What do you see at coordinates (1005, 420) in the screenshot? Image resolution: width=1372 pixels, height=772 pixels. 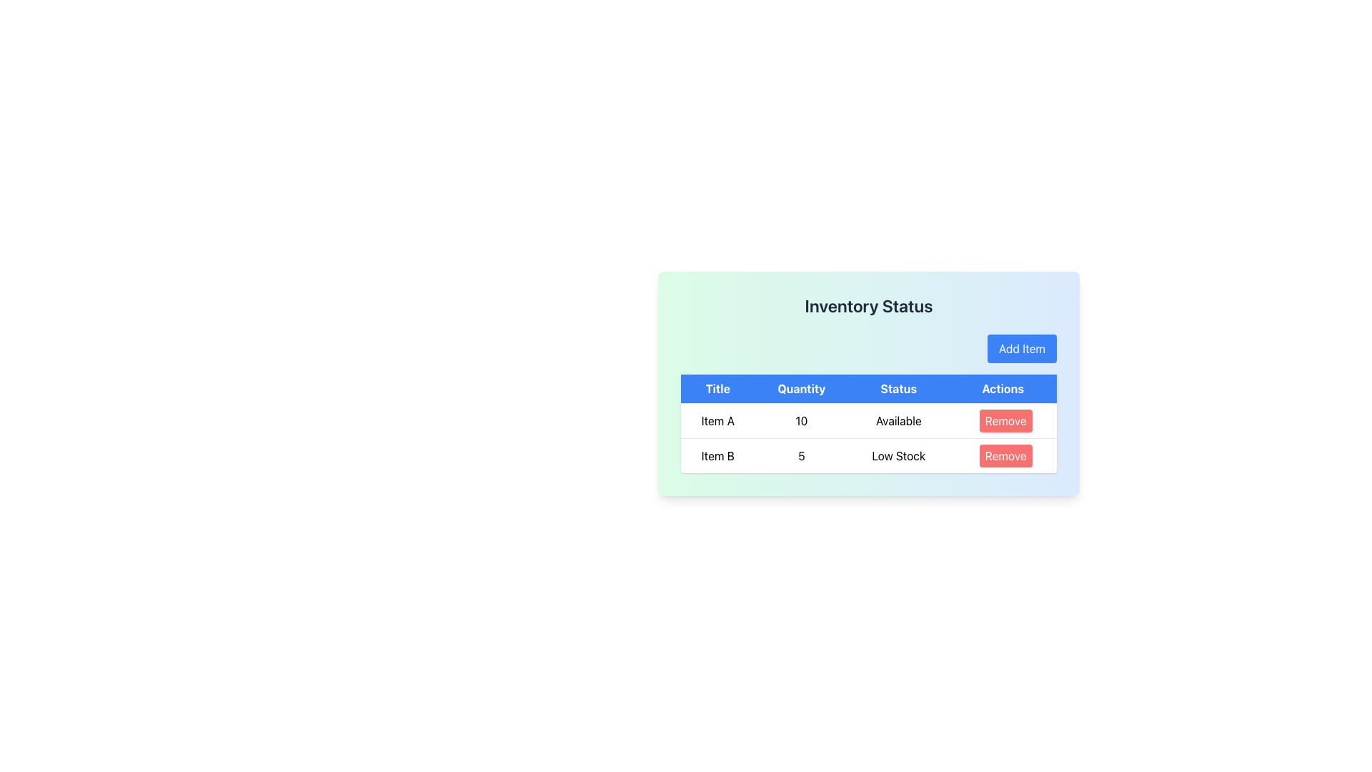 I see `the 'Remove' button, which is styled with a red background and white text, located in the 'Actions' column of the first row of the table` at bounding box center [1005, 420].